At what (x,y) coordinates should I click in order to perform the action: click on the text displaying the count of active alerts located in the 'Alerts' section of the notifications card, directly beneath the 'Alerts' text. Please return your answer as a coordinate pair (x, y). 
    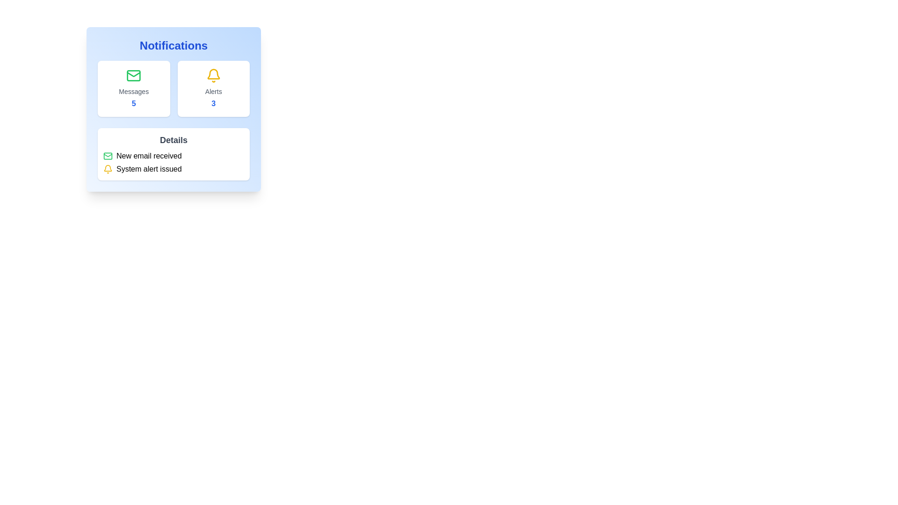
    Looking at the image, I should click on (213, 104).